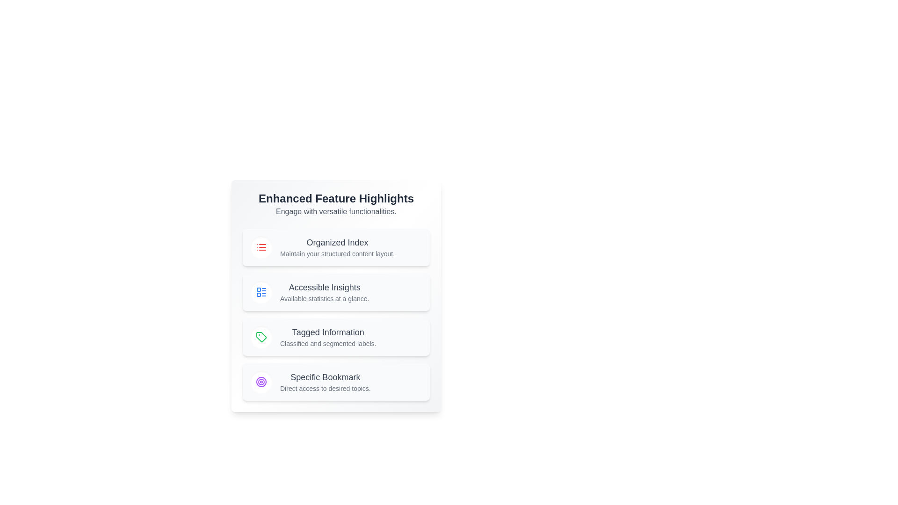 The width and height of the screenshot is (898, 505). What do you see at coordinates (261, 246) in the screenshot?
I see `the icon representing Organized Index` at bounding box center [261, 246].